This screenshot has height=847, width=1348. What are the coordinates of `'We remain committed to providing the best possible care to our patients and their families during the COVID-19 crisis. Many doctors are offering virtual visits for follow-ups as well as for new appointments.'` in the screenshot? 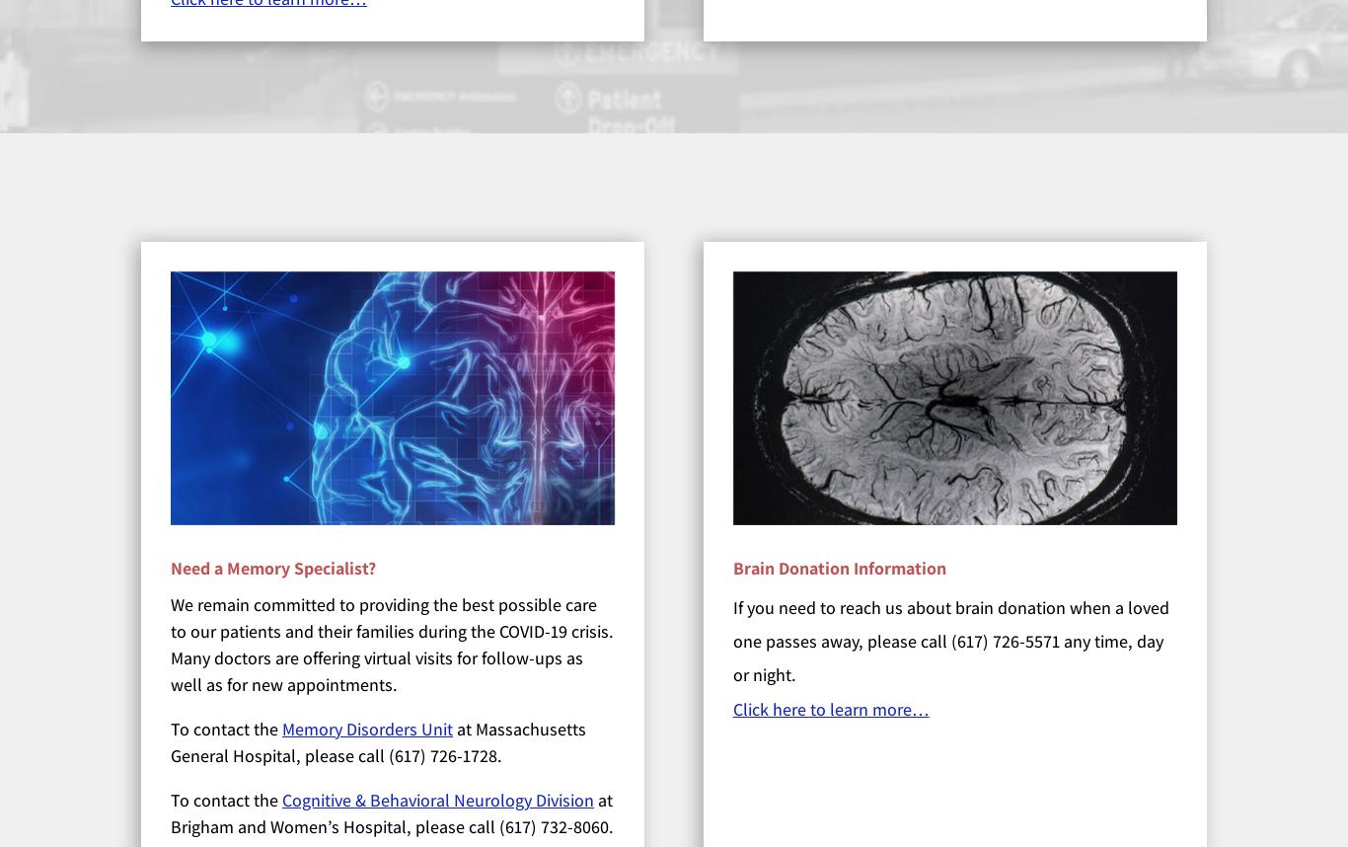 It's located at (391, 642).